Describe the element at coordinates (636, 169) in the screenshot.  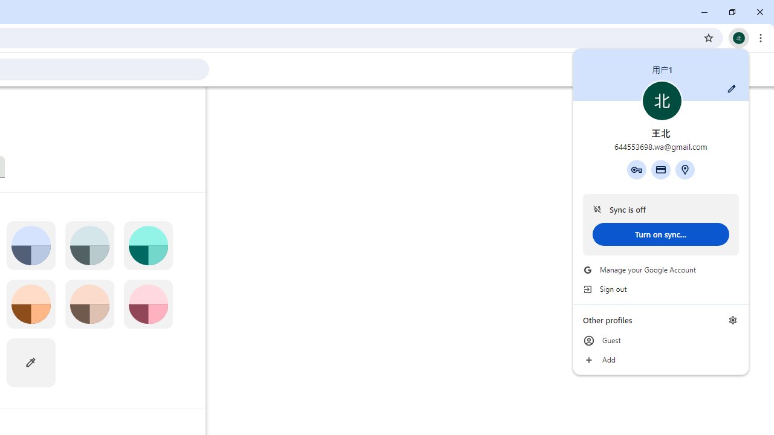
I see `'Google Password Manager'` at that location.